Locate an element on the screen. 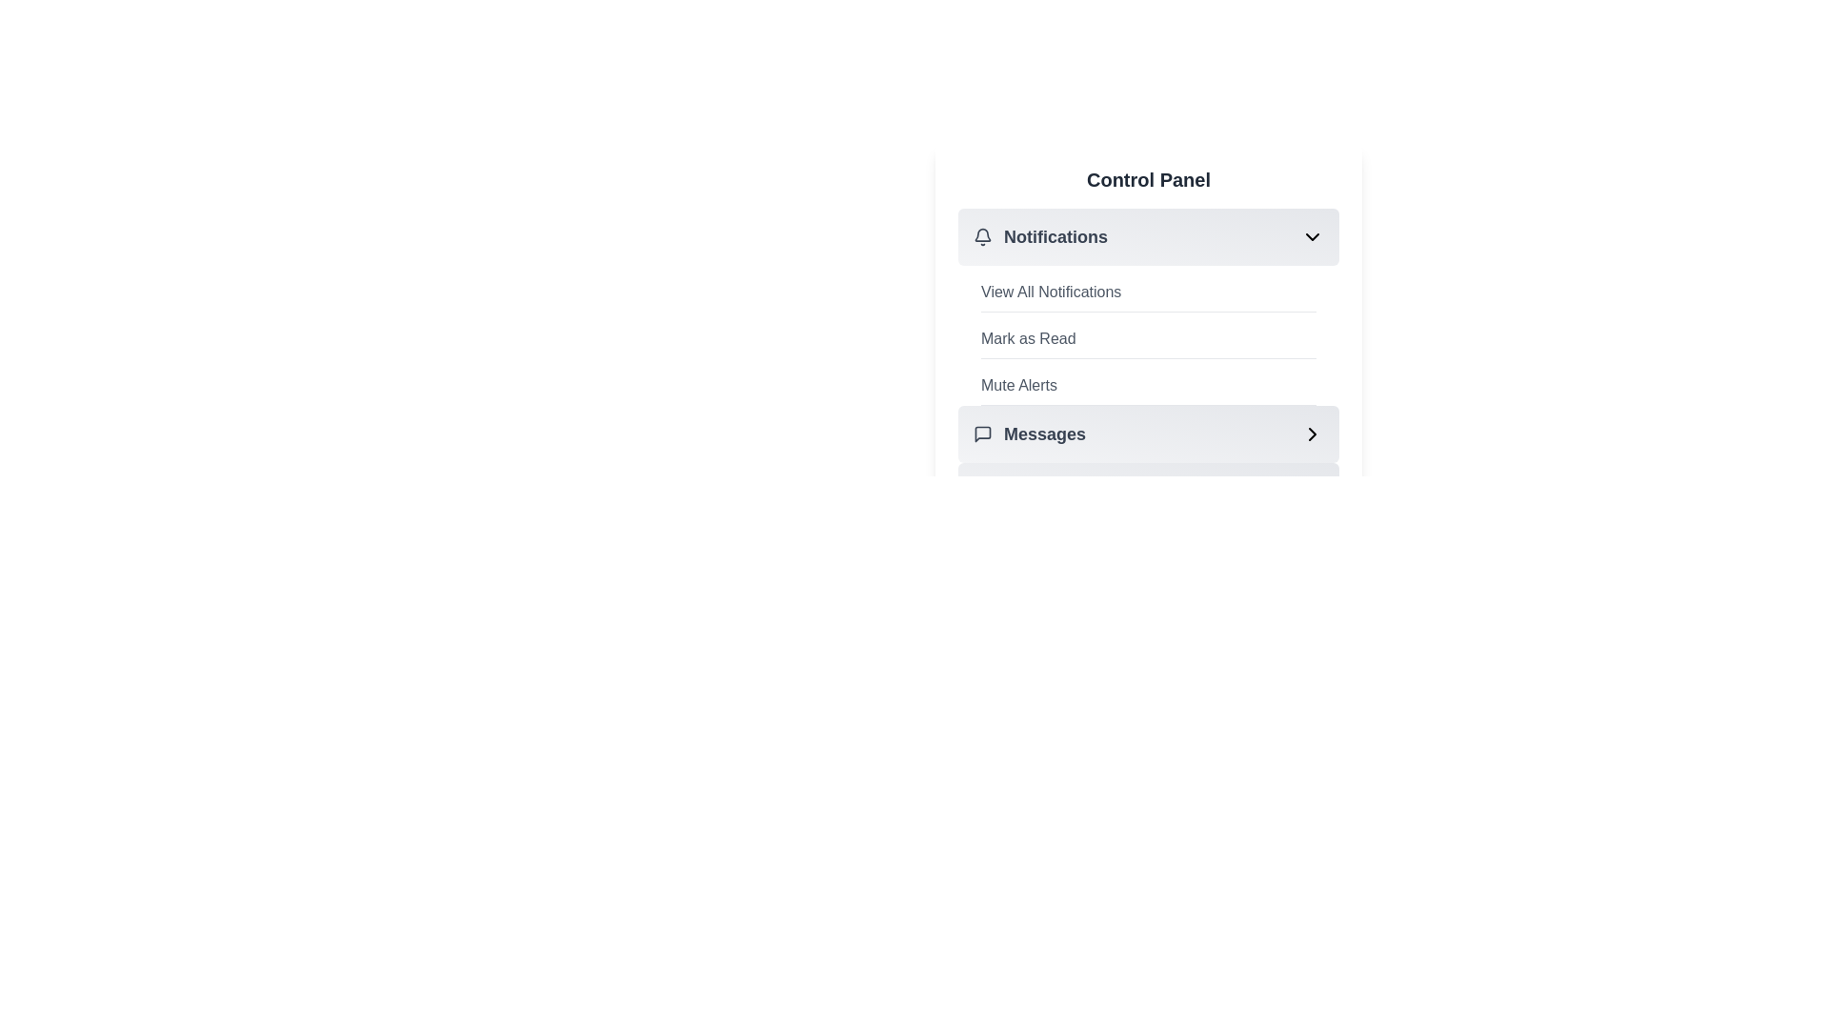 This screenshot has width=1829, height=1029. the 'View All Notifications' text label located beneath the Notifications heading in the control panel interface is located at coordinates (1050, 293).